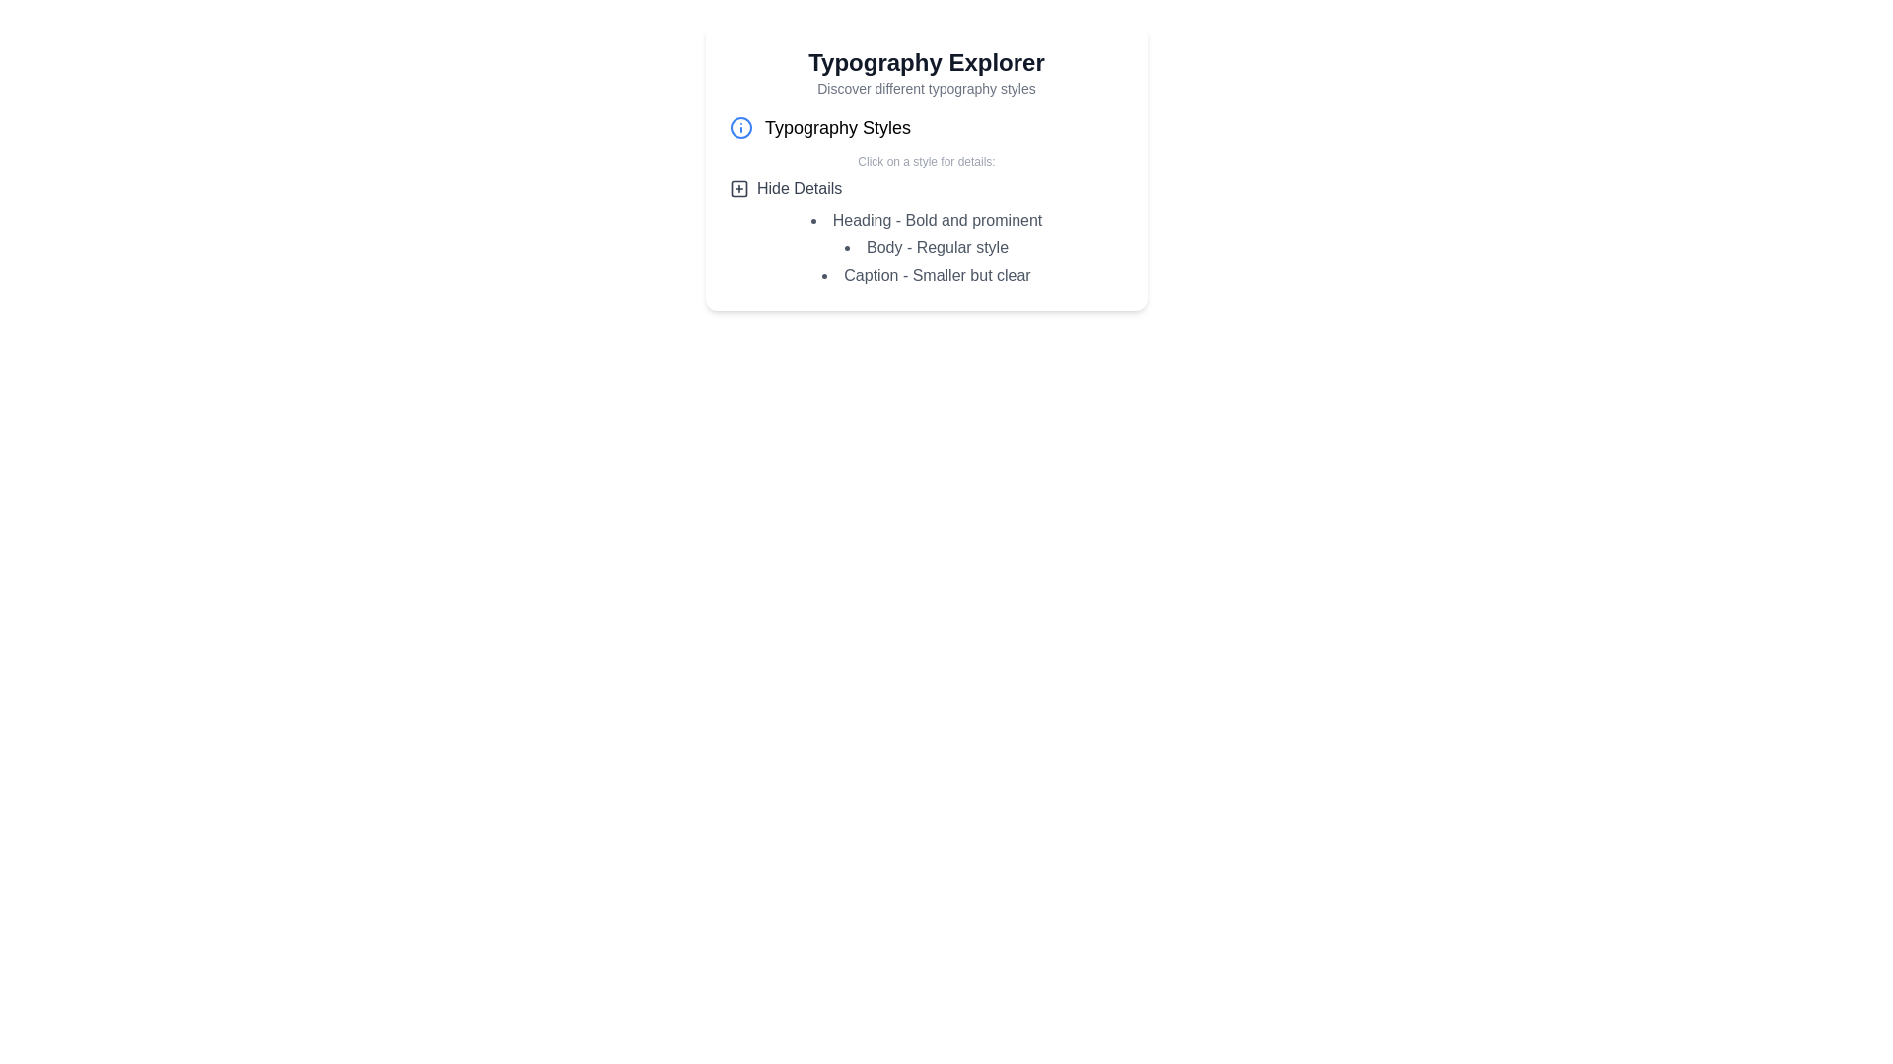  I want to click on the square icon button with a plus sign located to the left of the 'Hide Details' text, so click(737, 189).